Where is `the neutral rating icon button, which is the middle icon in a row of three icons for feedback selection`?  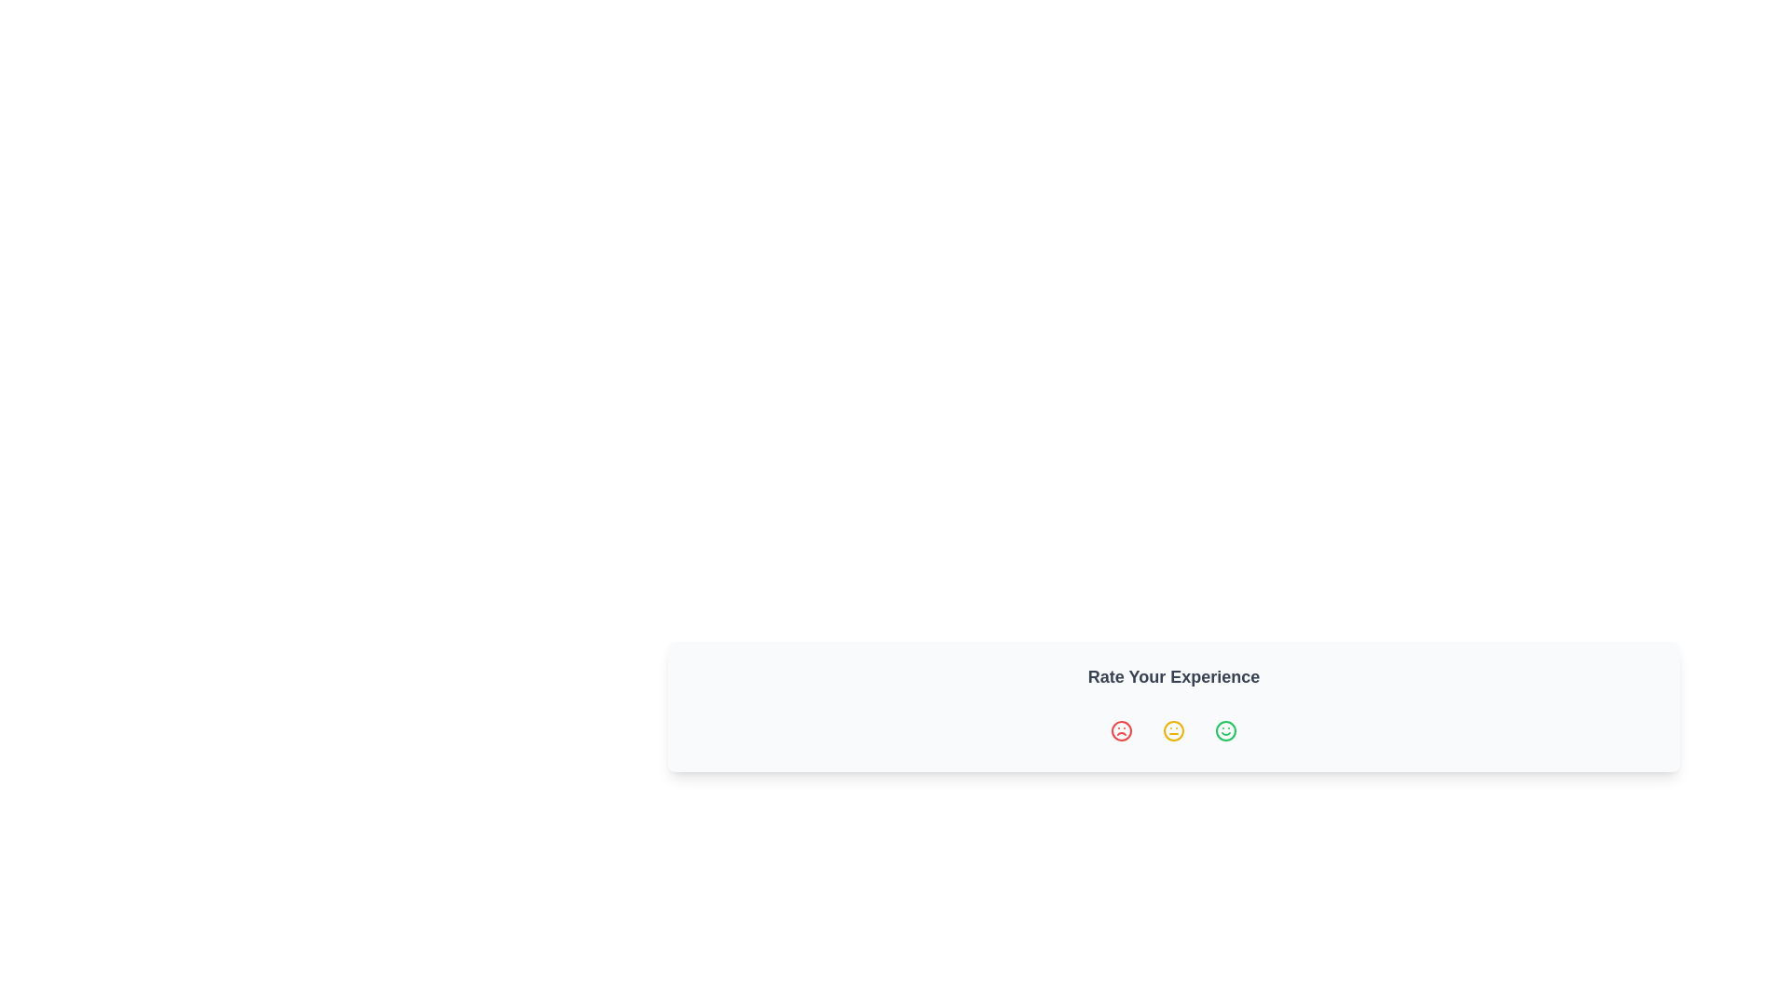 the neutral rating icon button, which is the middle icon in a row of three icons for feedback selection is located at coordinates (1172, 730).